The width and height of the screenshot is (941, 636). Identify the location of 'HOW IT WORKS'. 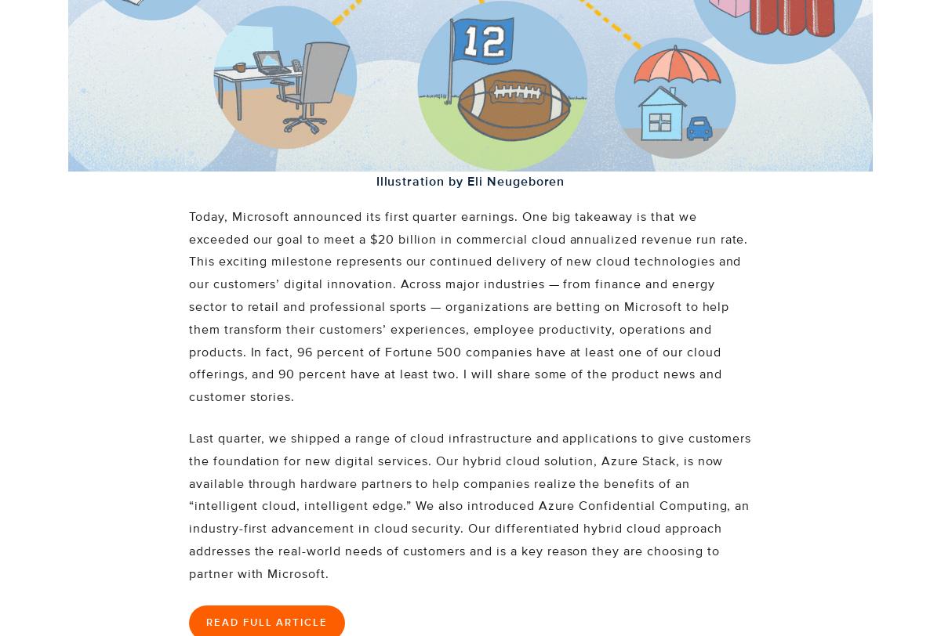
(110, 112).